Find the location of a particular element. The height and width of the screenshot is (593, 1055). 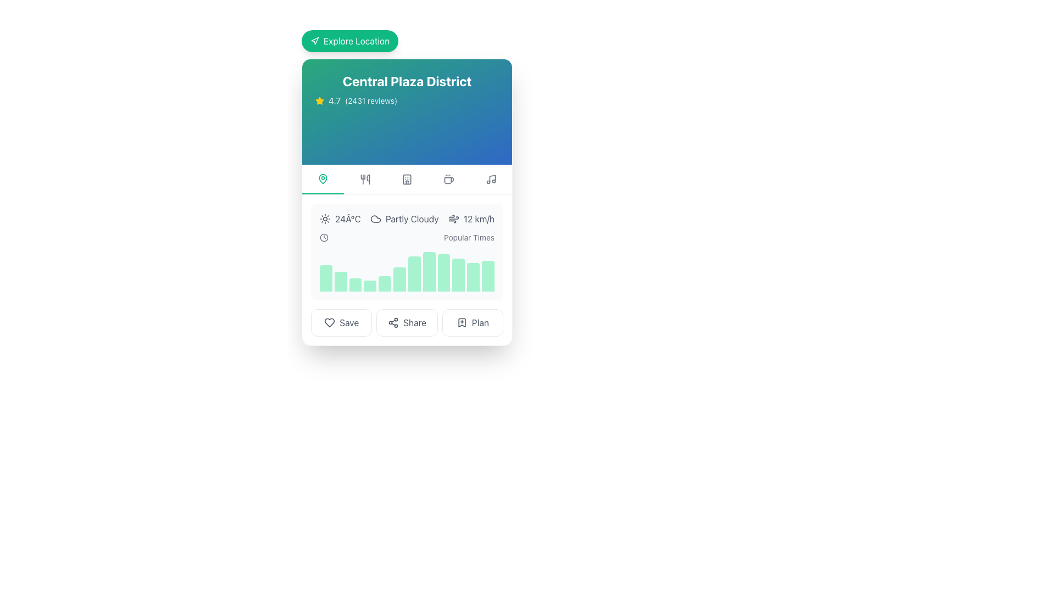

the 12th graphical bar representation in the chart is located at coordinates (487, 275).